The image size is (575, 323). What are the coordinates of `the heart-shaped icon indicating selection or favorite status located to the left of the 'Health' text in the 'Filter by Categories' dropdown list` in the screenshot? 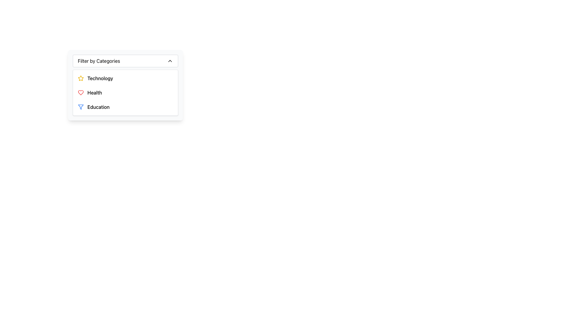 It's located at (80, 92).